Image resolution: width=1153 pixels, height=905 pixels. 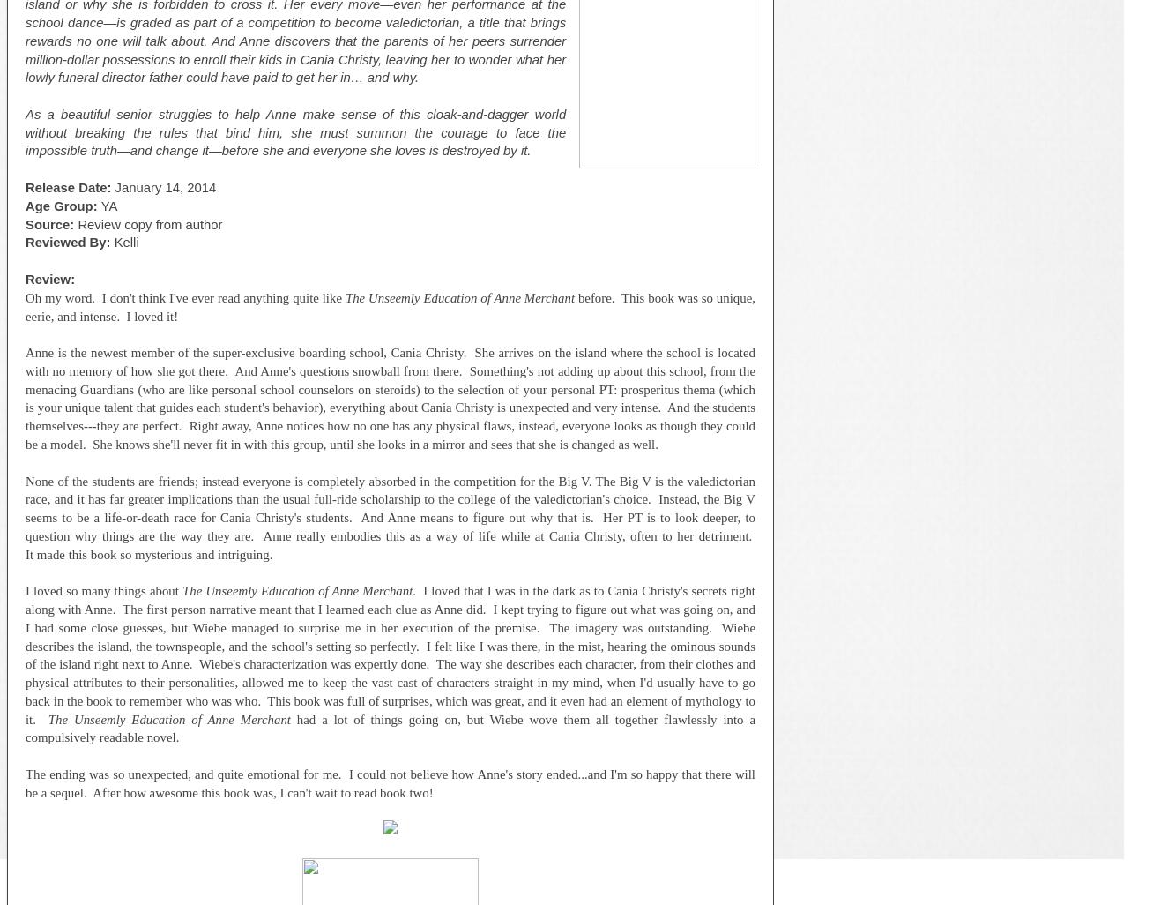 I want to click on '.  I loved that I was in the dark as to Cania Christy's secrets right along with Anne.  The first person narrative meant that I learned each clue as Anne did.  I kept trying to figure out what was going on, and I had some close guesses, but Wiebe managed to surprise me in her execution of the premise.  The imagery was outstanding.  Wiebe describes the island, the townspeople, and the school's setting so perfectly.  I felt like I was there, in the mist, hearing the ominous sounds of the island right next to Anne.  Wiebe's characterization was expertly done.  The way she describes each character, from their clothes and physical attributes to their personalities, allowed me to keep the vast cast of characters straight in my mind, when I'd usually have to go back in the book to remember who was who.  This book was full of surprises, which was great, and it even had an element of mythology to it.', so click(x=390, y=654).